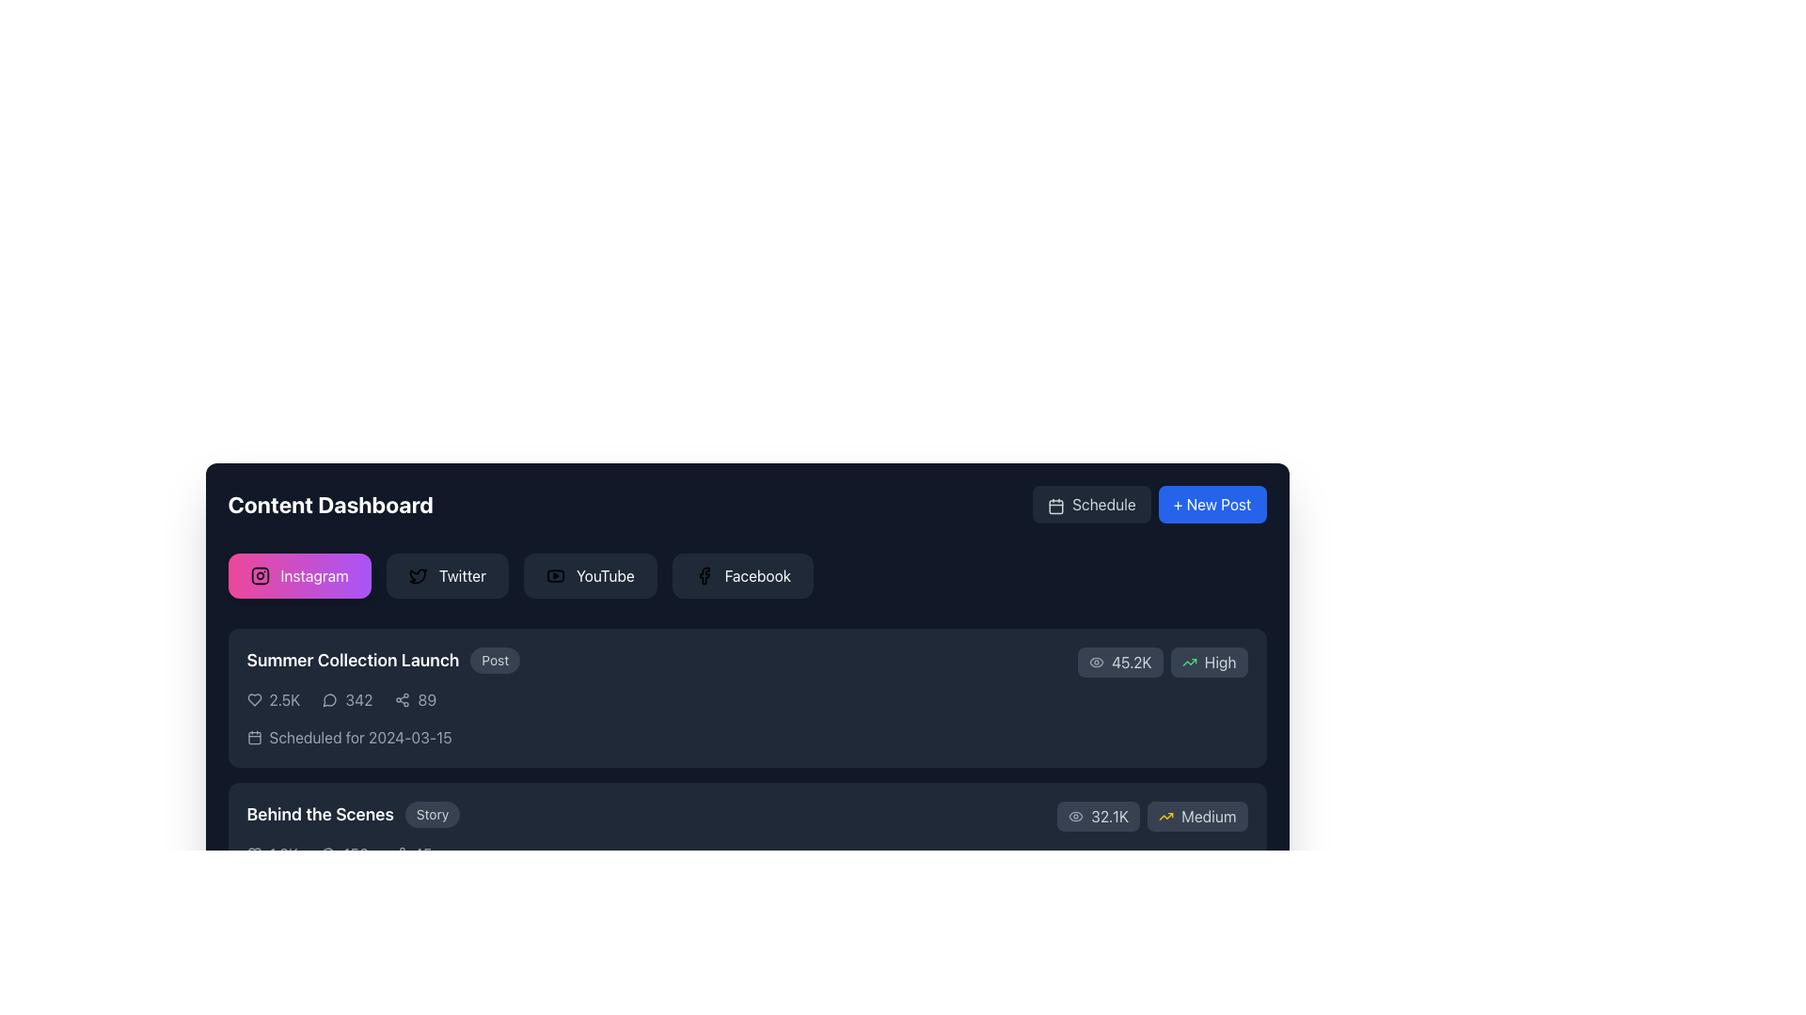 The width and height of the screenshot is (1806, 1015). I want to click on the share link icon, which is represented by three interconnected circles and lines, located below the 'Behind the Scenes' content and to the left of the number '45', so click(397, 854).